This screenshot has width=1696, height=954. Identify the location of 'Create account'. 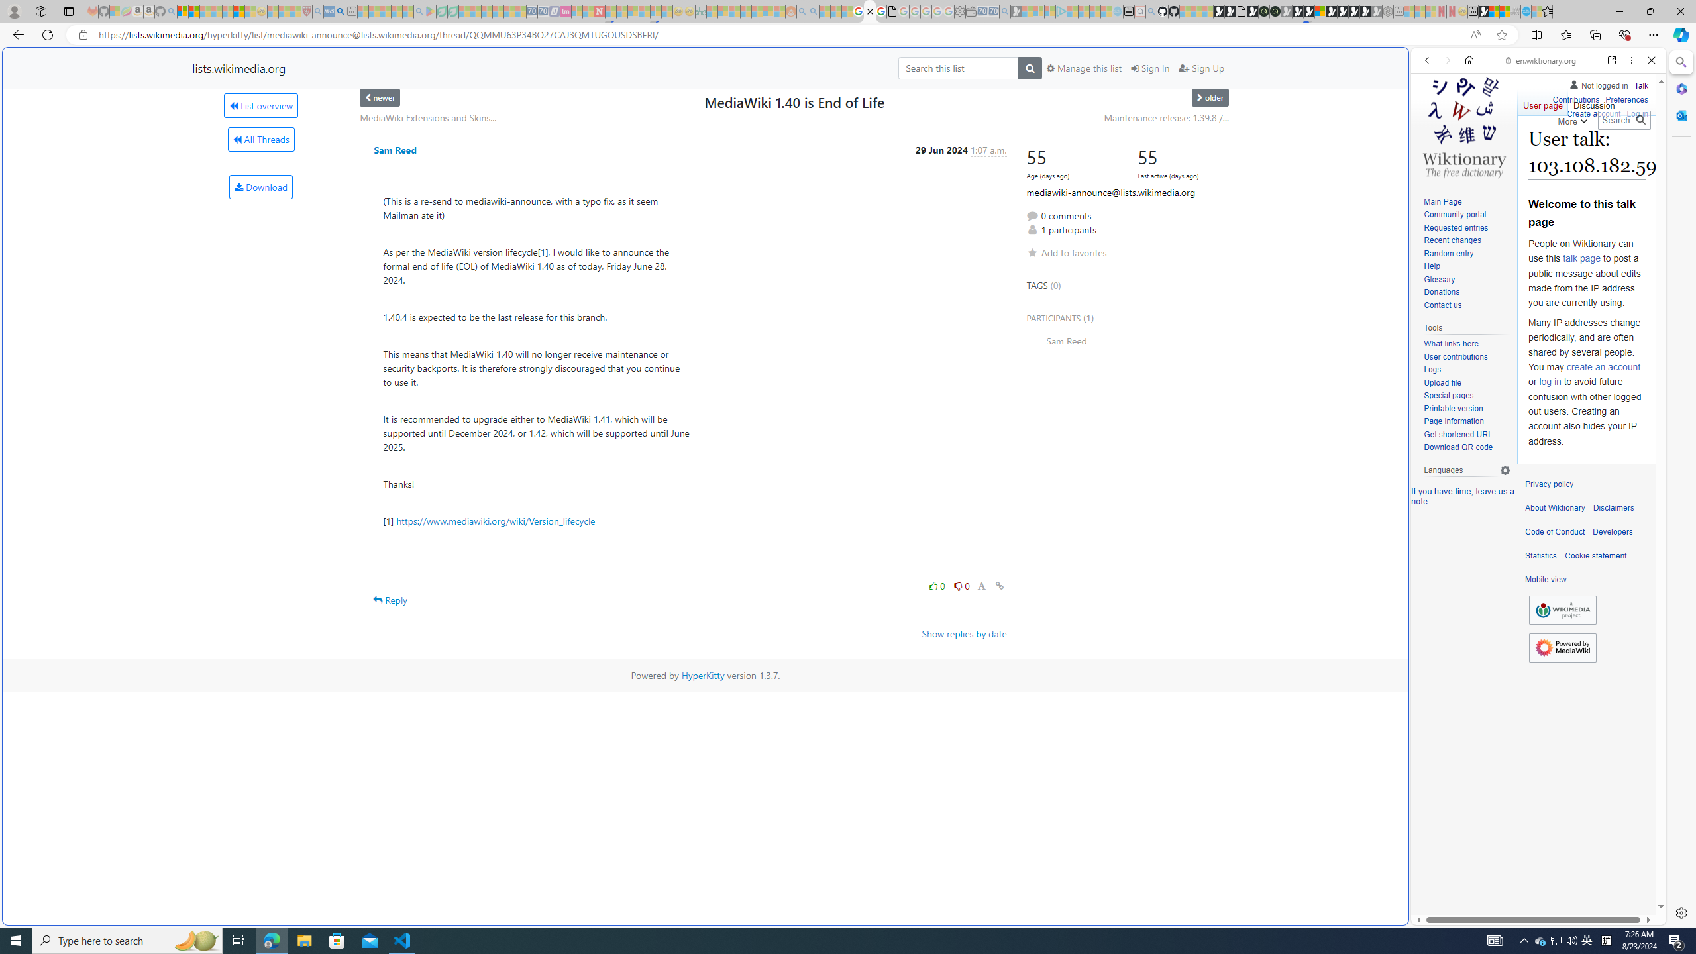
(1593, 114).